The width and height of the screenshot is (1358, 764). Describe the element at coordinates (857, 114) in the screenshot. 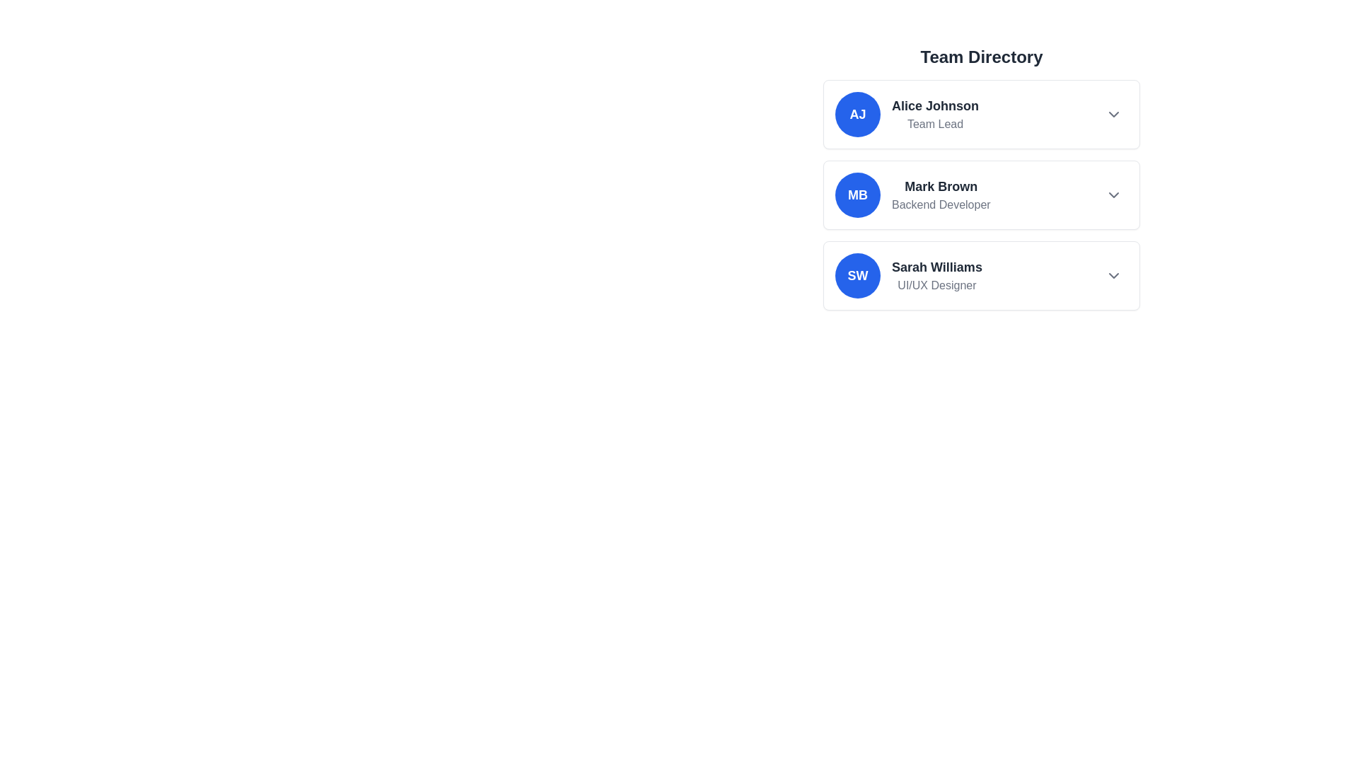

I see `the Profile Initial Badge representing user 'Alice Johnson'` at that location.